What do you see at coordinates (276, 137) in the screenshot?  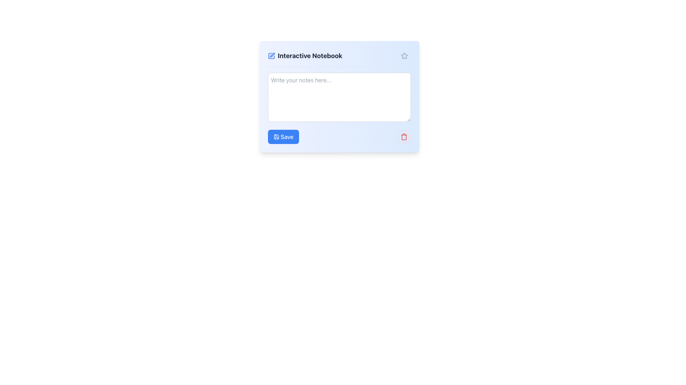 I see `the main outer body of the floppy disk icon representing the 'Save' function located at the bottom-left of the interactive notebook modal` at bounding box center [276, 137].